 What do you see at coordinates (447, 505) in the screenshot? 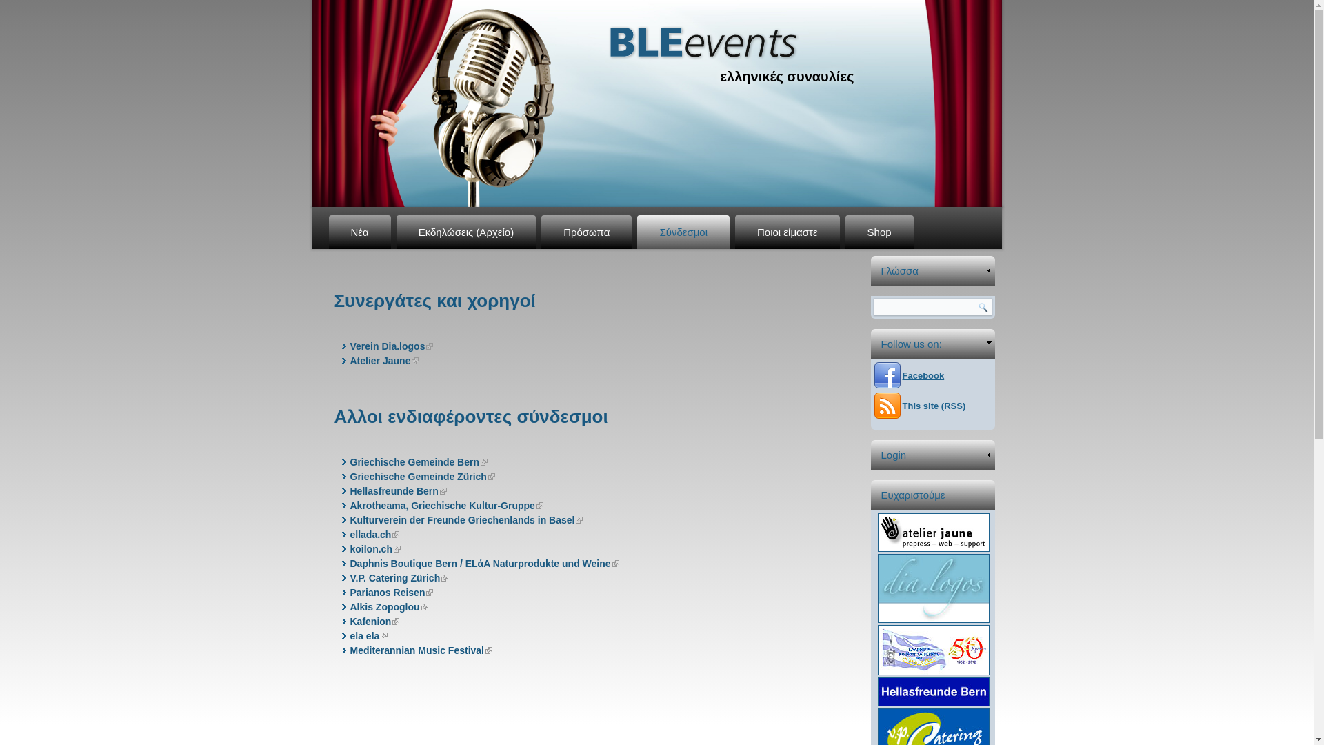
I see `'Akrotheama, Griechische Kultur-Gruppe` at bounding box center [447, 505].